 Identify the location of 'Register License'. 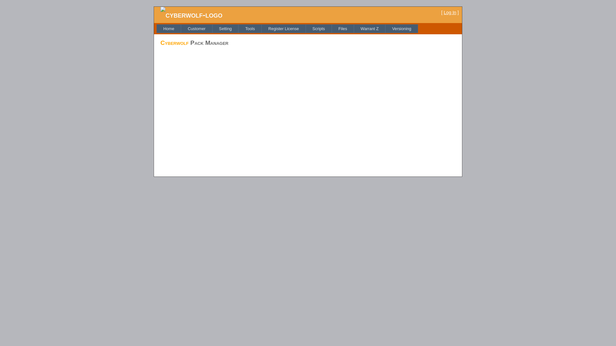
(283, 28).